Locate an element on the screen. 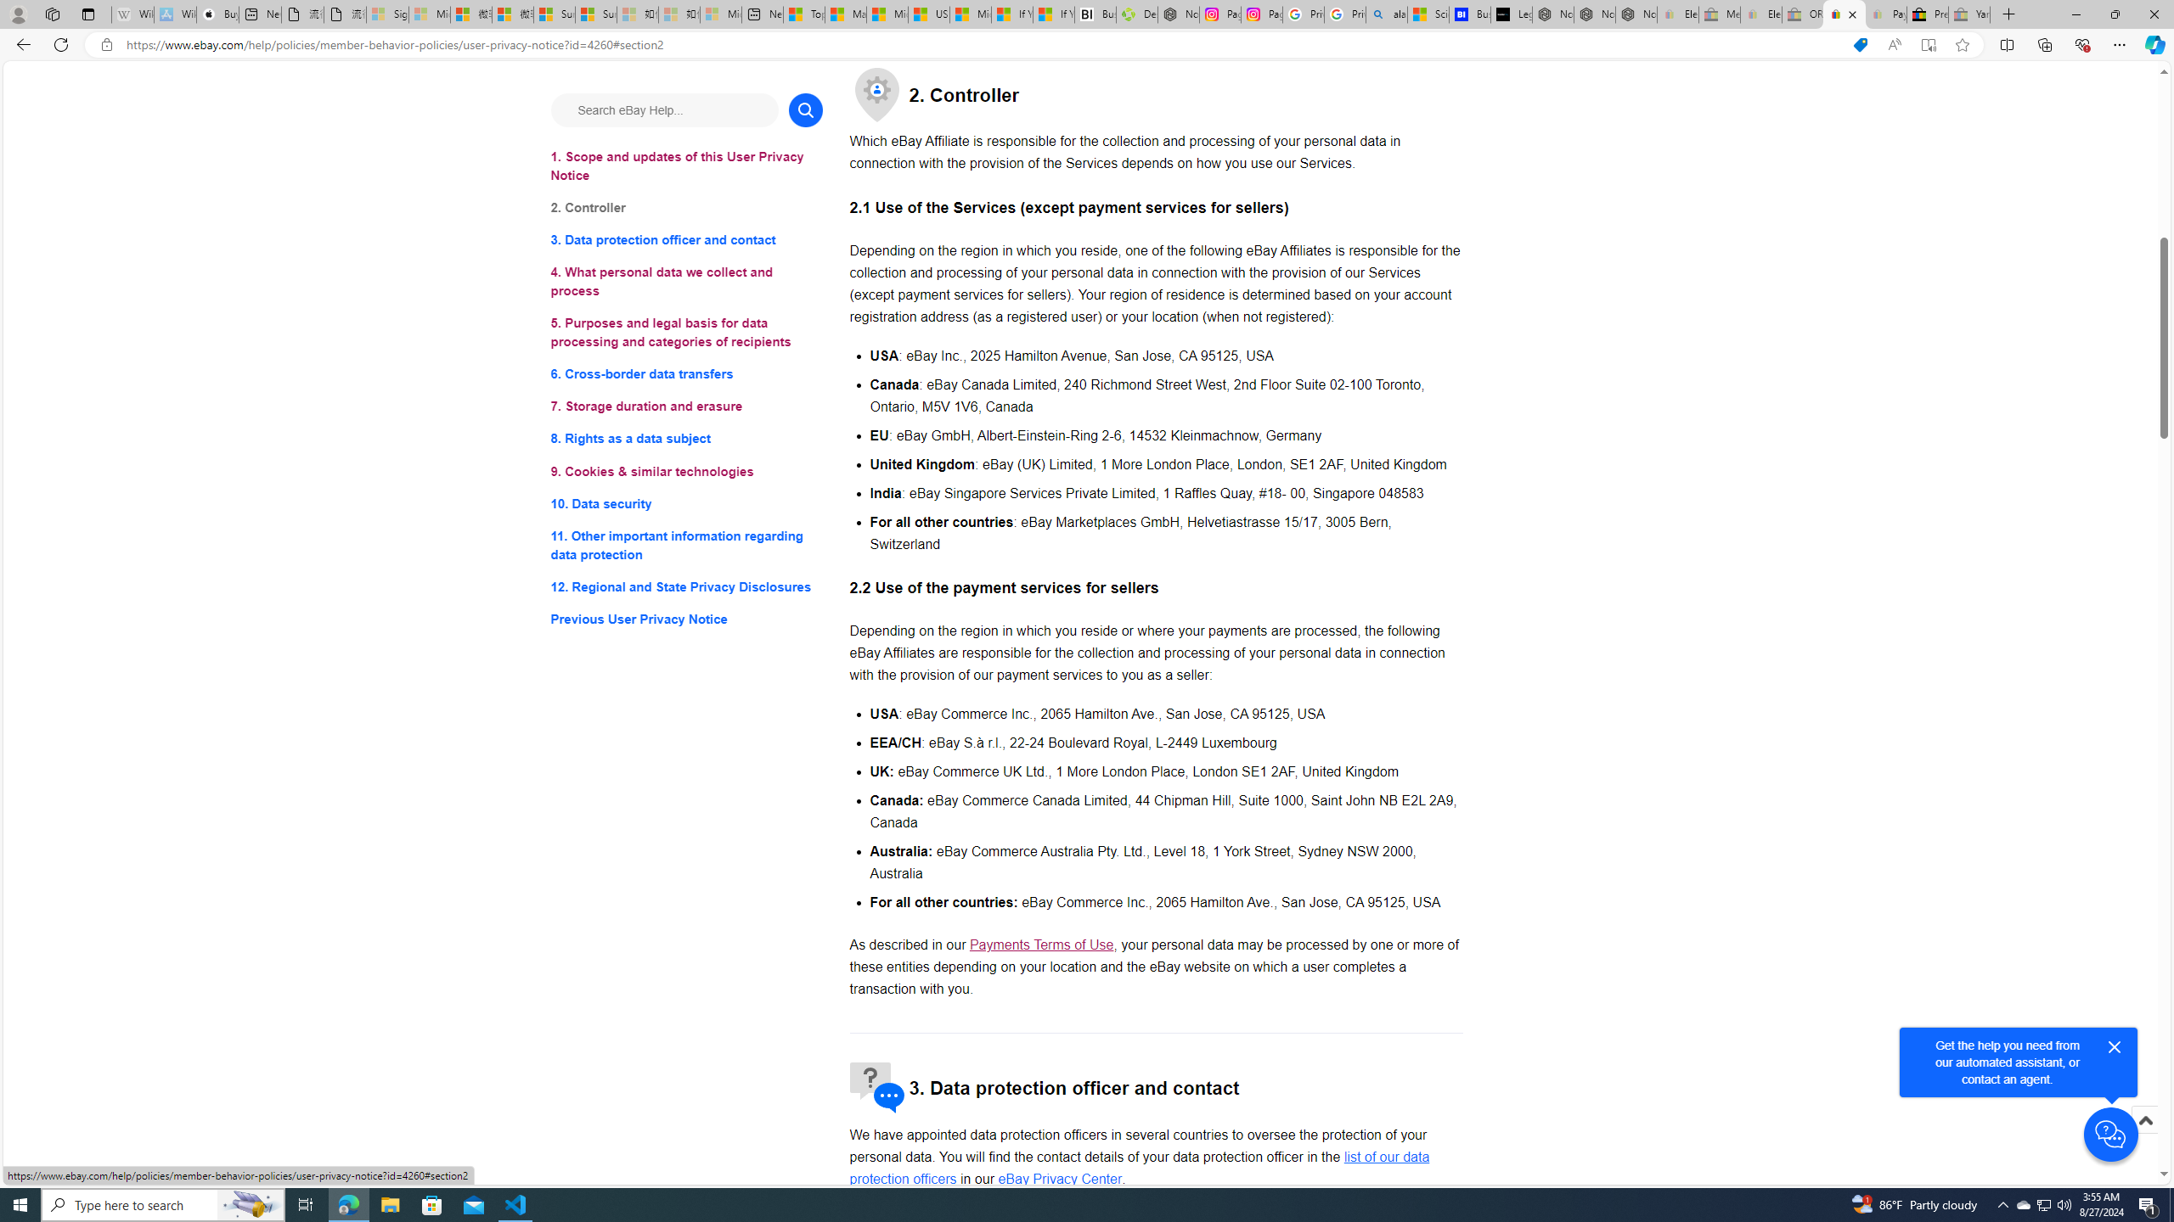 Image resolution: width=2174 pixels, height=1222 pixels. 'Scroll to top' is located at coordinates (2143, 1137).